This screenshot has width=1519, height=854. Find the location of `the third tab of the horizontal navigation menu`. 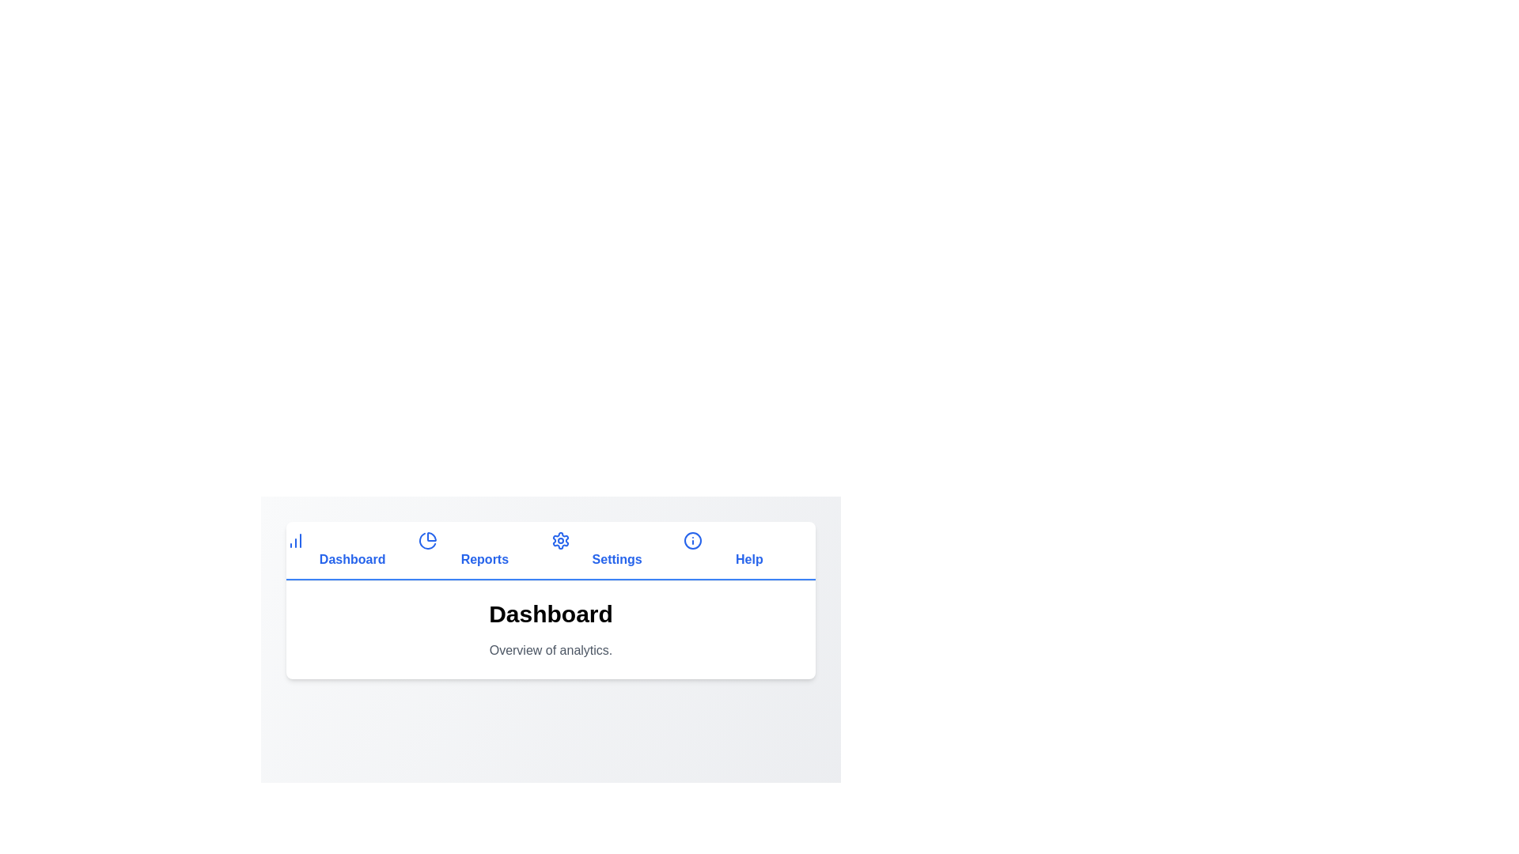

the third tab of the horizontal navigation menu is located at coordinates (616, 550).